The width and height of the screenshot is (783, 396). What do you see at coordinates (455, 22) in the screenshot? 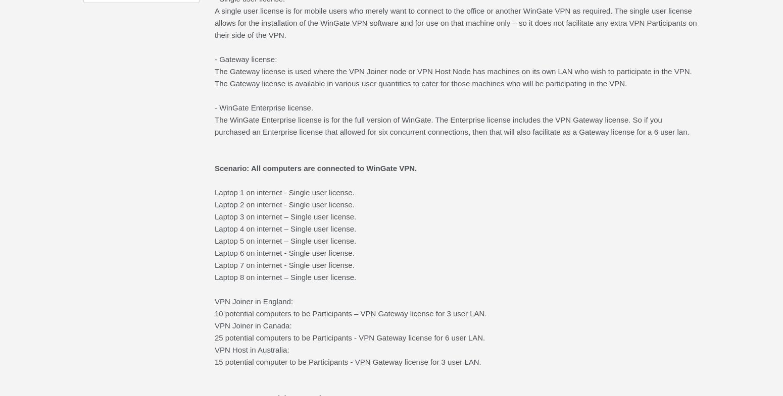
I see `'A single user license is for mobile users who merely want to connect to the office or another WinGate VPN as required. The single user license allows for the installation of the WinGate VPN software and for use on that machine only – so it does not facilitate any extra VPN Participants on their side of the VPN.'` at bounding box center [455, 22].